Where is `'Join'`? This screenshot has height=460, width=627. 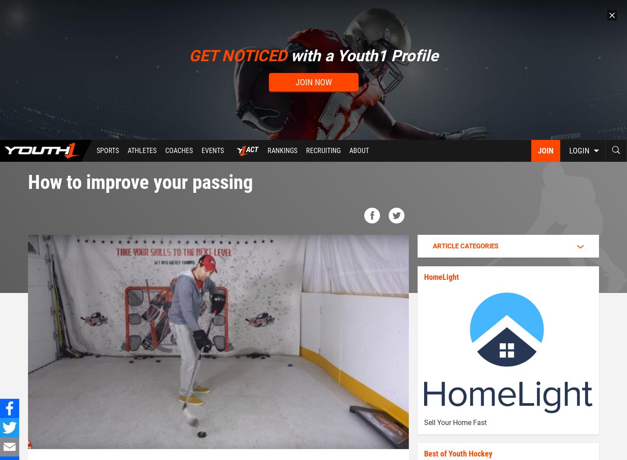
'Join' is located at coordinates (545, 150).